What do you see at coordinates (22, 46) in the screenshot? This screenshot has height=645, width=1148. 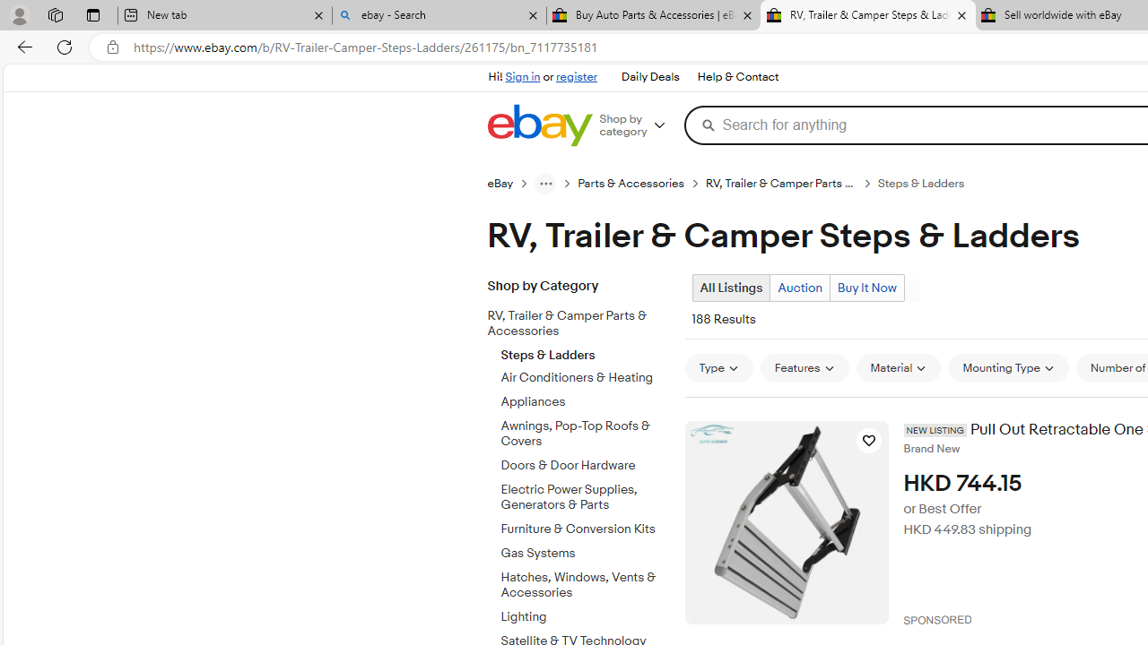 I see `'Back'` at bounding box center [22, 46].